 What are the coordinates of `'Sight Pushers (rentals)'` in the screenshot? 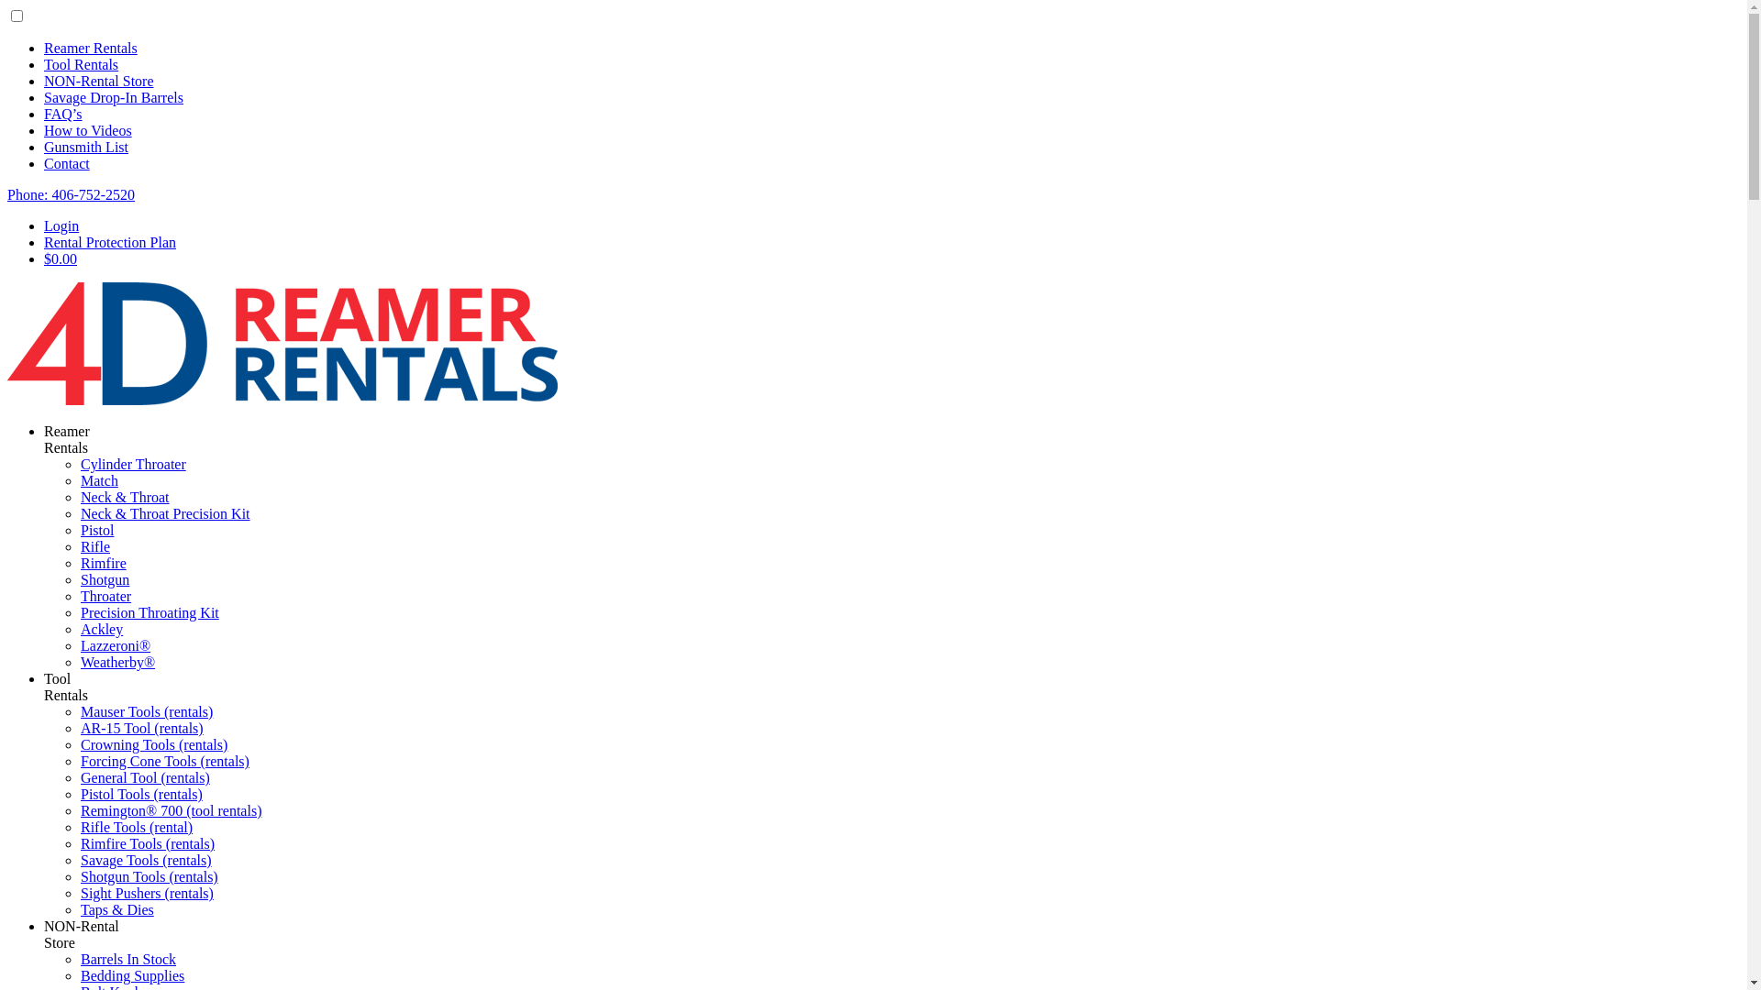 It's located at (147, 892).